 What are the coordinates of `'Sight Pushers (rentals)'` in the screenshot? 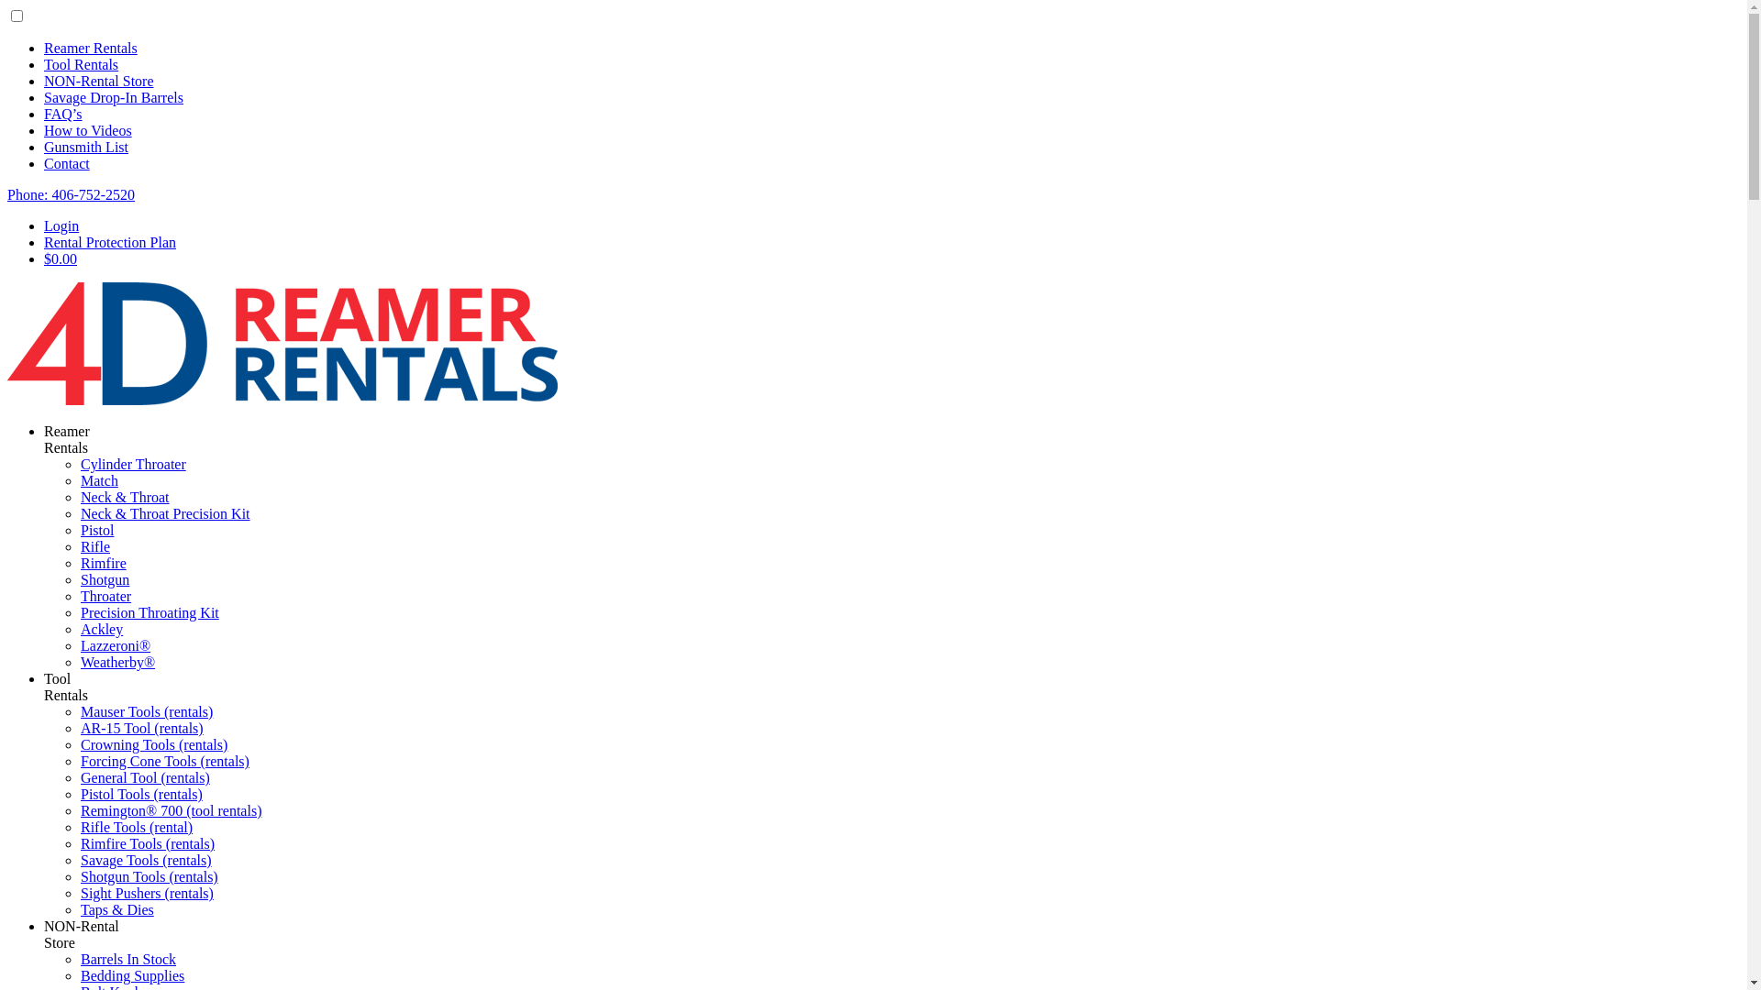 It's located at (147, 892).